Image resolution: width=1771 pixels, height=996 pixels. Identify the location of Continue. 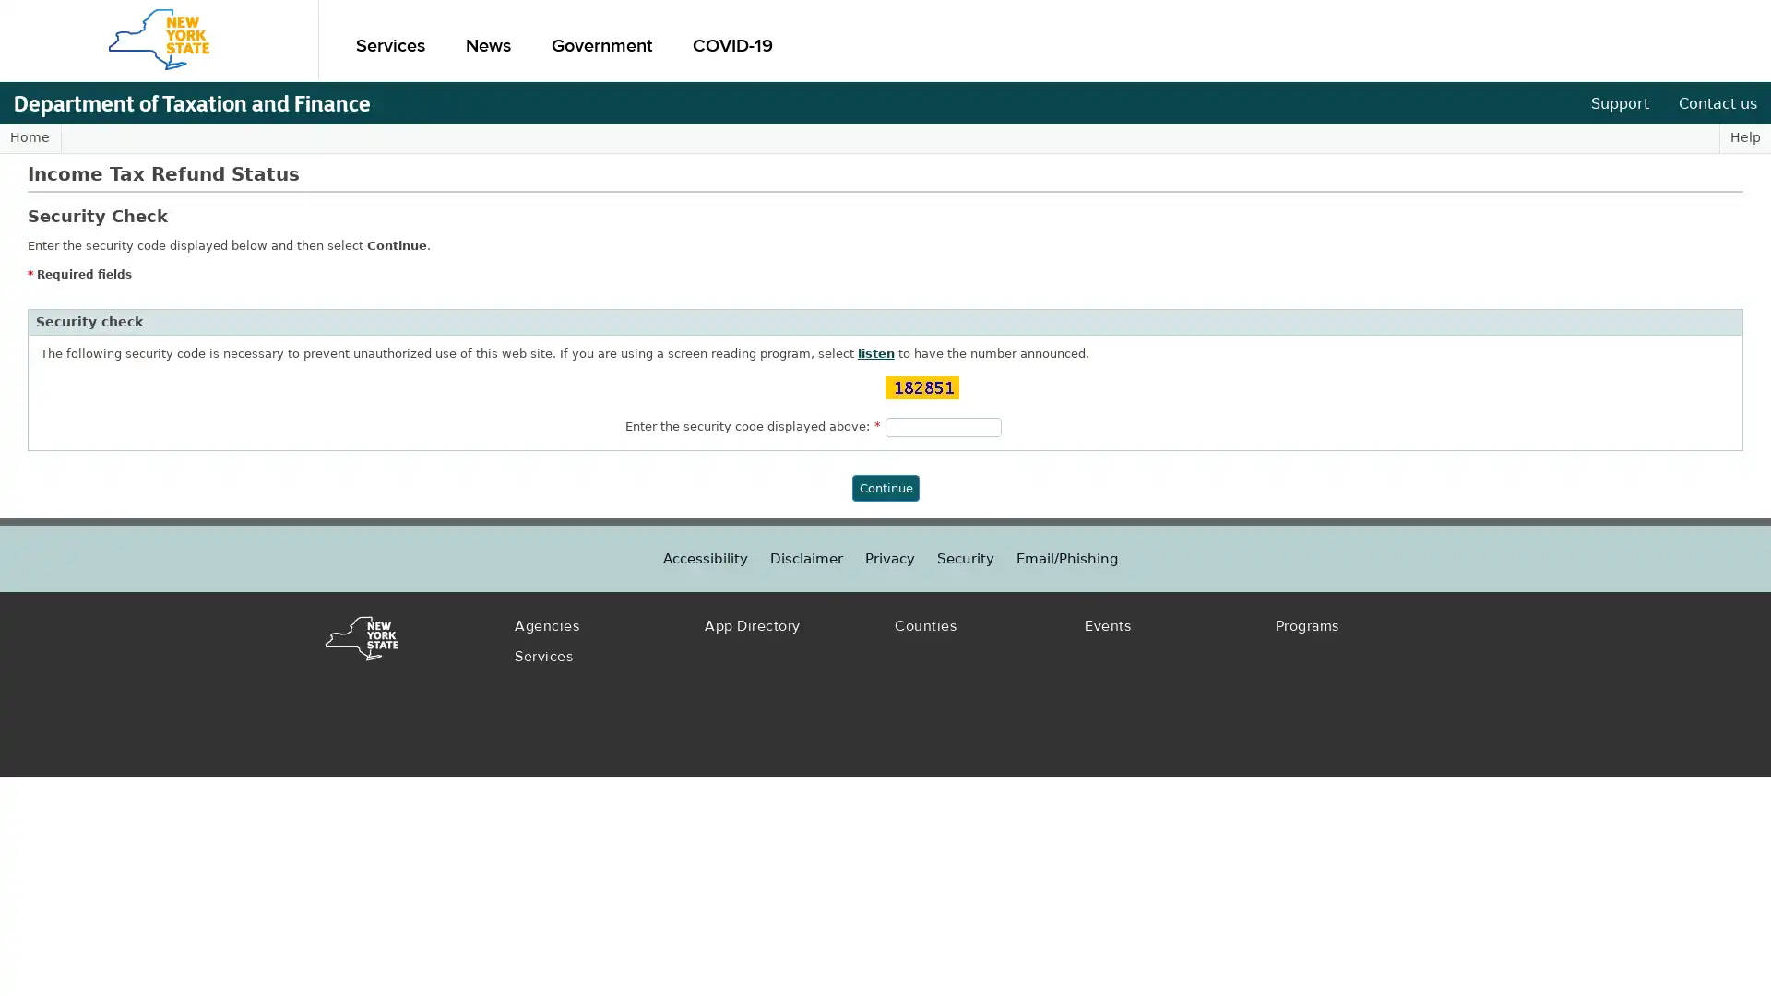
(885, 486).